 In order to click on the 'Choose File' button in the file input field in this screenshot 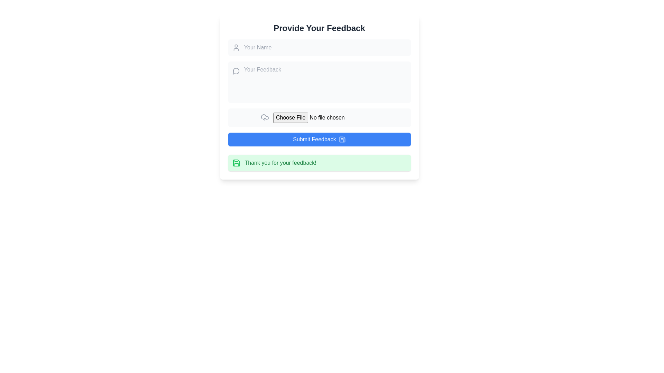, I will do `click(325, 117)`.